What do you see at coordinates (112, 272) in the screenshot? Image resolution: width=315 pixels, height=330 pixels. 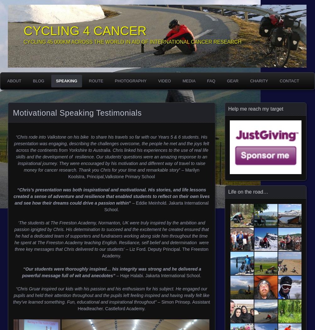 I see `'“Our students were thoroughly inspired… his integrity was strong and he delivered a powerful message full of wit and anecdotes”'` at bounding box center [112, 272].